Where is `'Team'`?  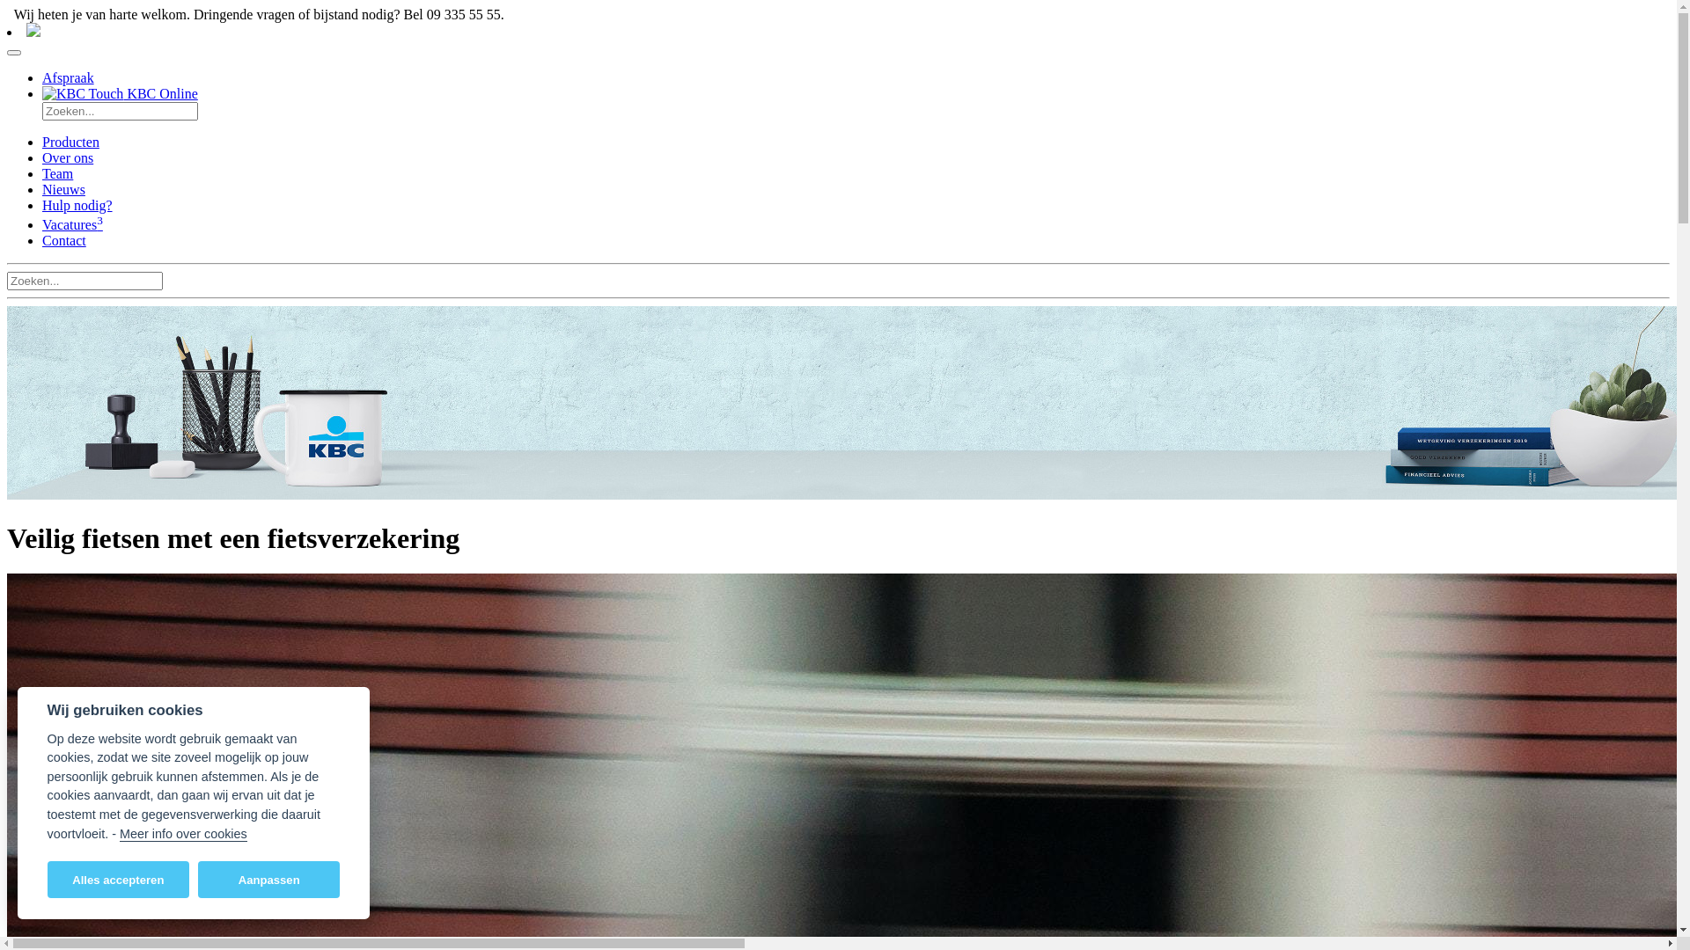 'Team' is located at coordinates (57, 173).